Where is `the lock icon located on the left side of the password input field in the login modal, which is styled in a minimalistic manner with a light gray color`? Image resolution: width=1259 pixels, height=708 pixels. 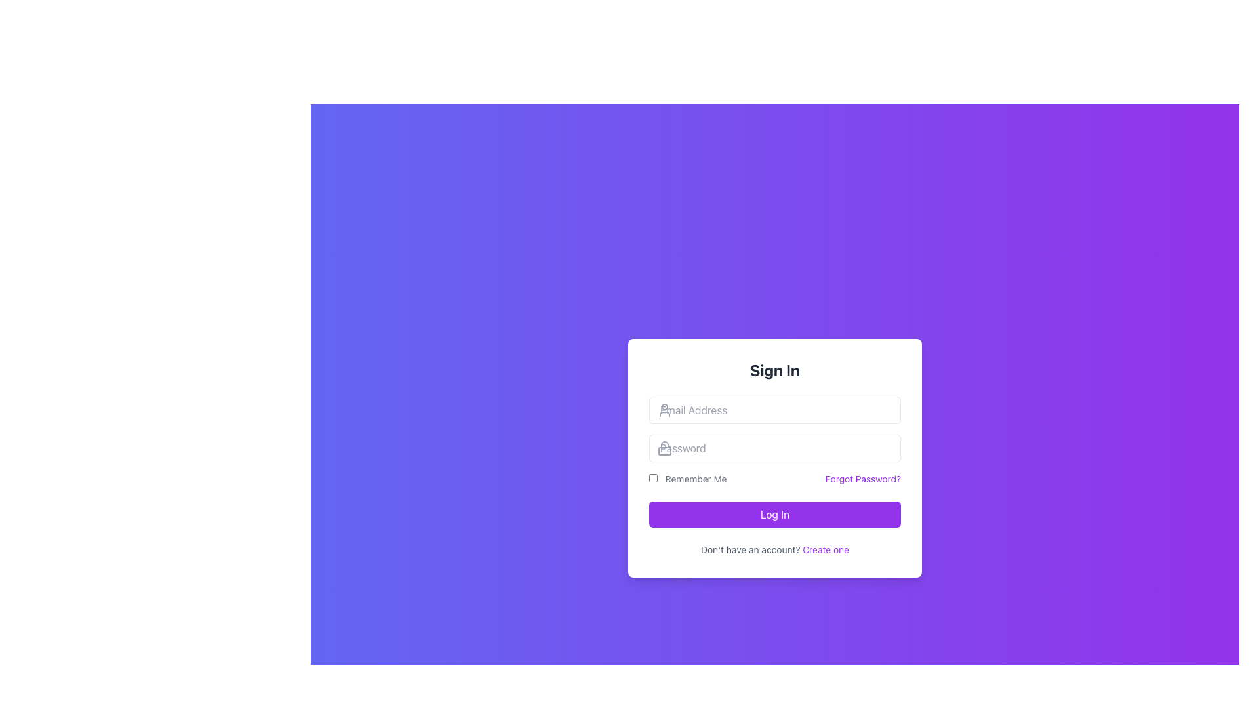
the lock icon located on the left side of the password input field in the login modal, which is styled in a minimalistic manner with a light gray color is located at coordinates (664, 447).